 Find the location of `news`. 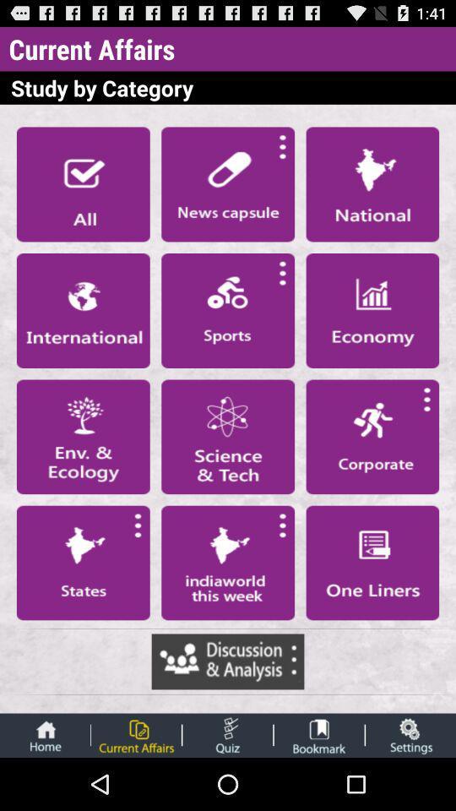

news is located at coordinates (228, 184).